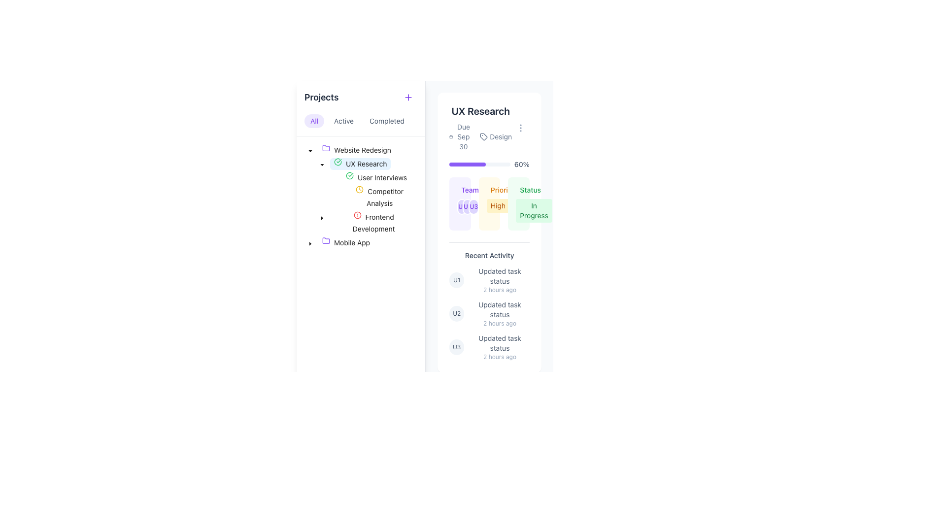 The image size is (946, 532). What do you see at coordinates (322, 218) in the screenshot?
I see `the toggle icon adjacent to the 'UX Research' sub-item in the hierarchical list` at bounding box center [322, 218].